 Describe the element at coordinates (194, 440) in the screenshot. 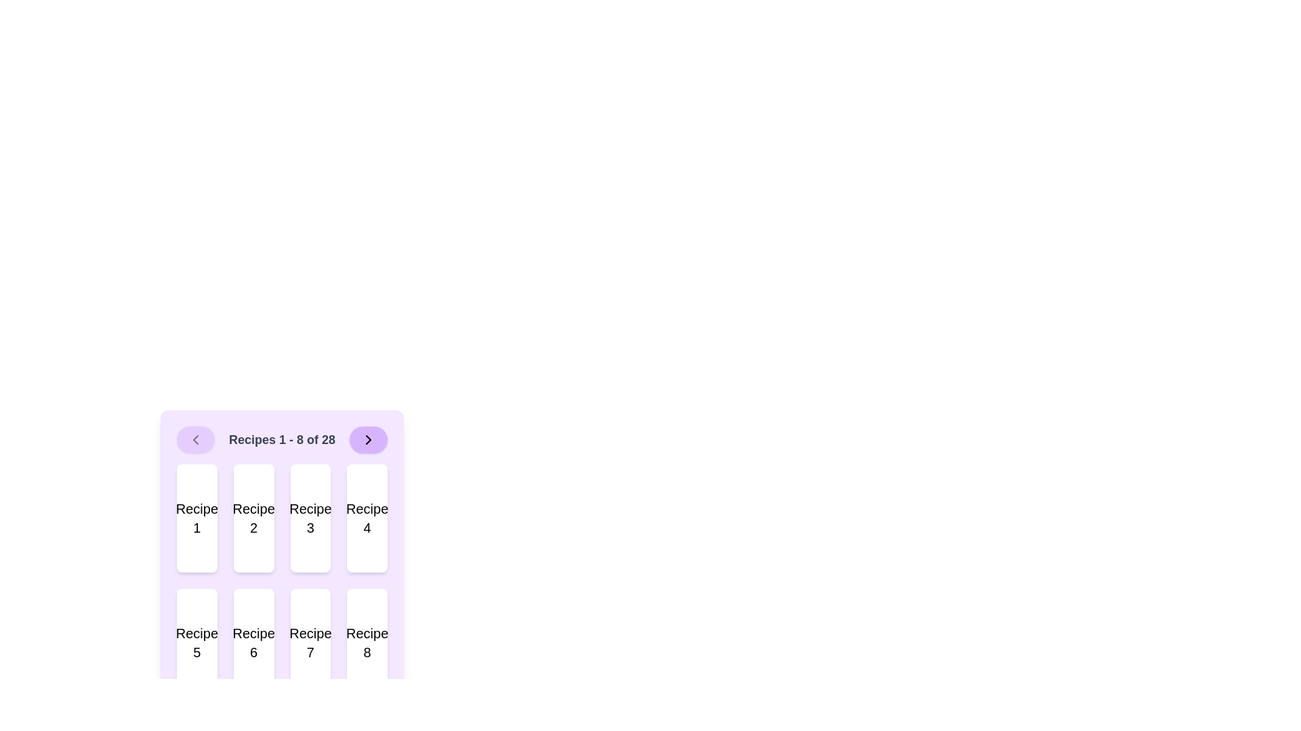

I see `the leftmost button in the navigation control bar` at that location.